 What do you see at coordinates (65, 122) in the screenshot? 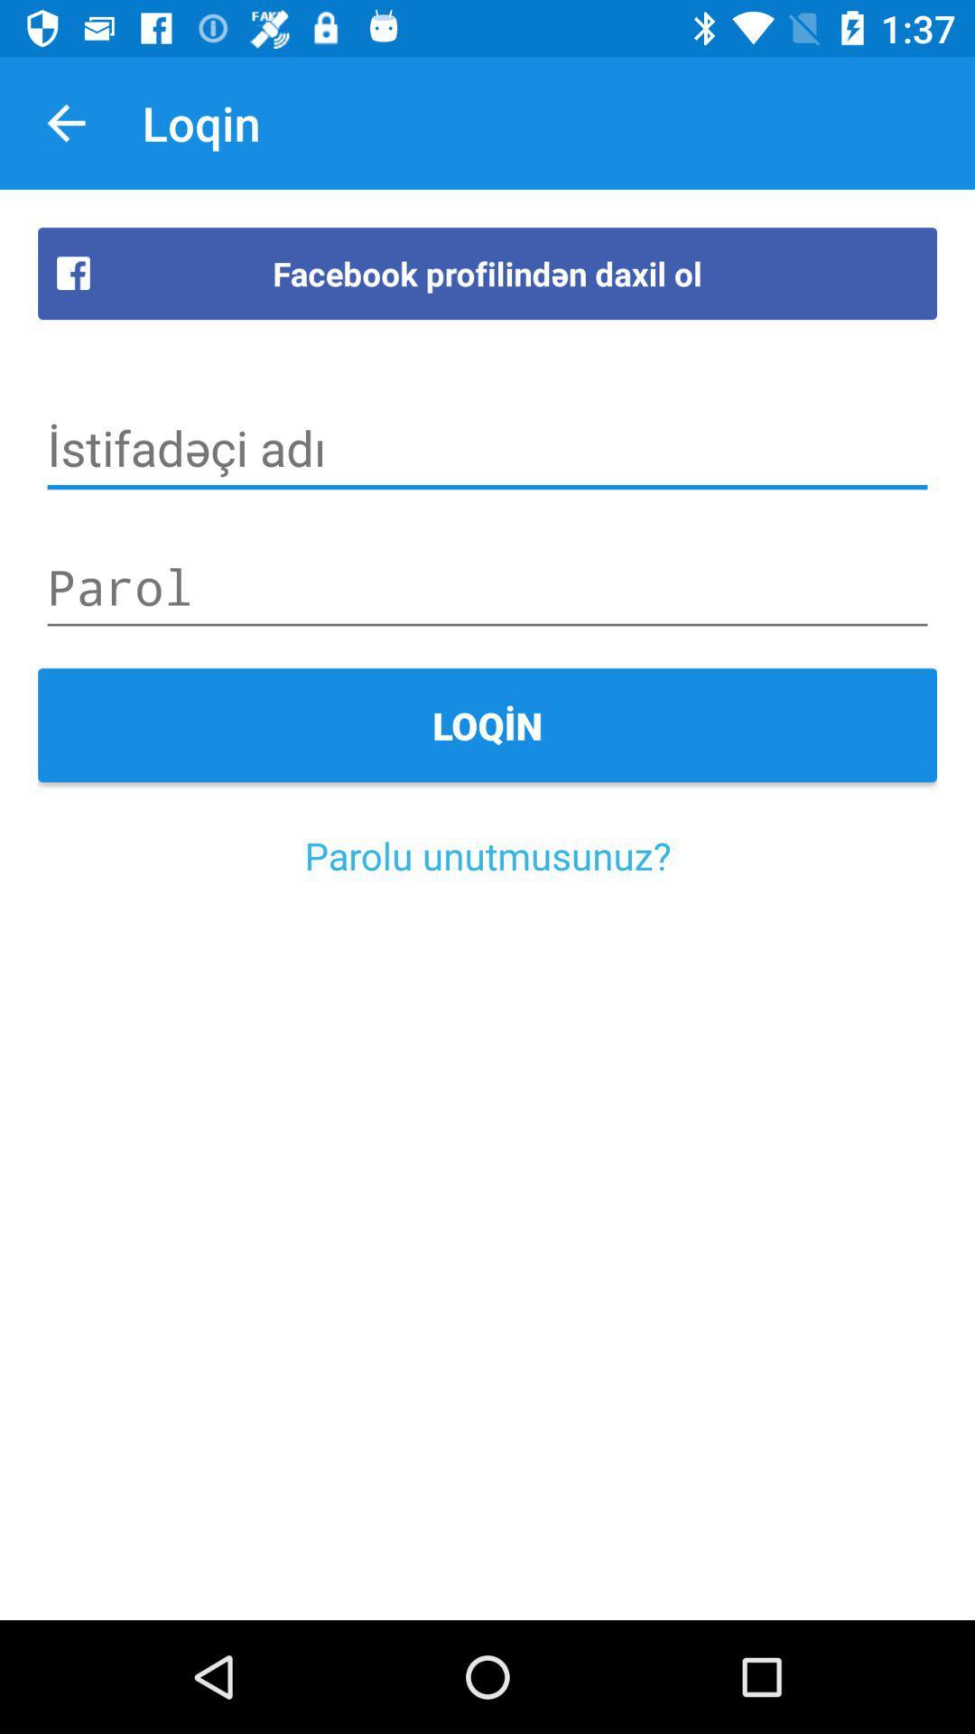
I see `item next to the loqin item` at bounding box center [65, 122].